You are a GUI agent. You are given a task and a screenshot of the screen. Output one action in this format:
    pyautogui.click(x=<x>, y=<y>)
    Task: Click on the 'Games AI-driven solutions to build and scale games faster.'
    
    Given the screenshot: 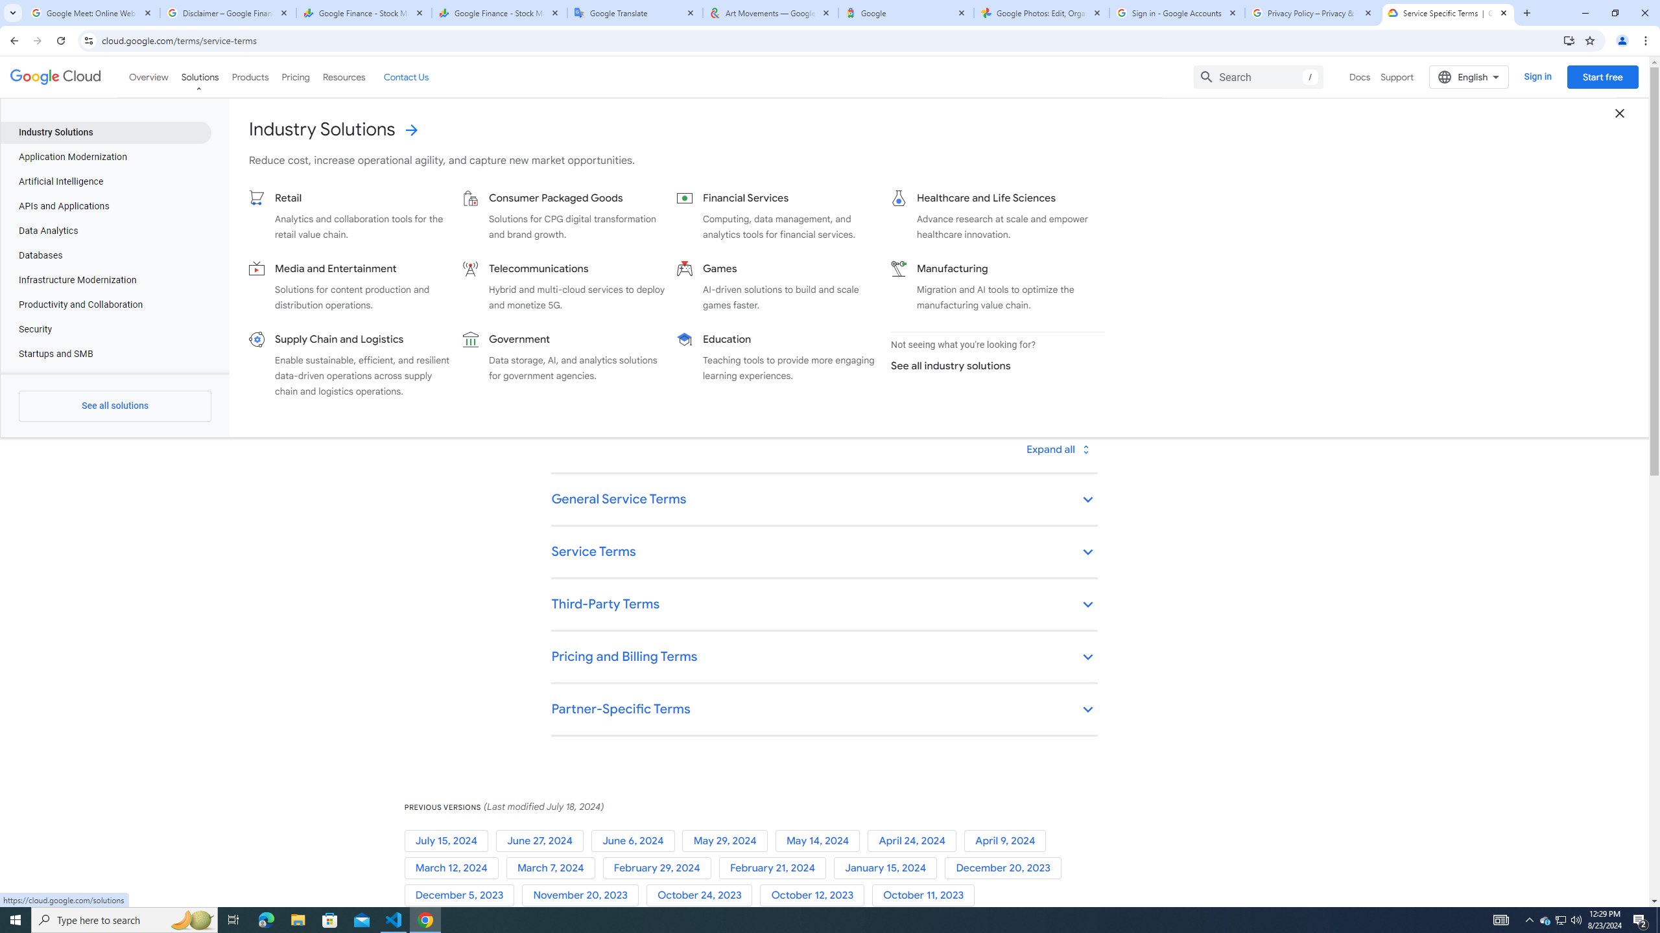 What is the action you would take?
    pyautogui.click(x=777, y=286)
    